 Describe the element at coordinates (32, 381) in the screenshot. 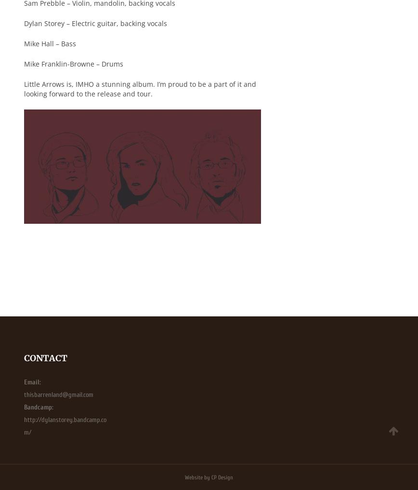

I see `'Email:'` at that location.